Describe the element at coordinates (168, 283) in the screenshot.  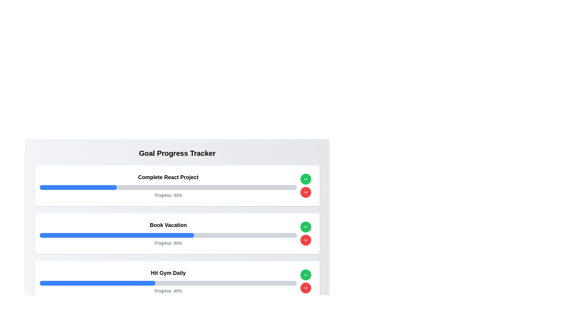
I see `the Progress bar located below the text 'Hit Gym Daily' and above the text 'Progress: 45%', which visually indicates the completion percentage of a task` at that location.